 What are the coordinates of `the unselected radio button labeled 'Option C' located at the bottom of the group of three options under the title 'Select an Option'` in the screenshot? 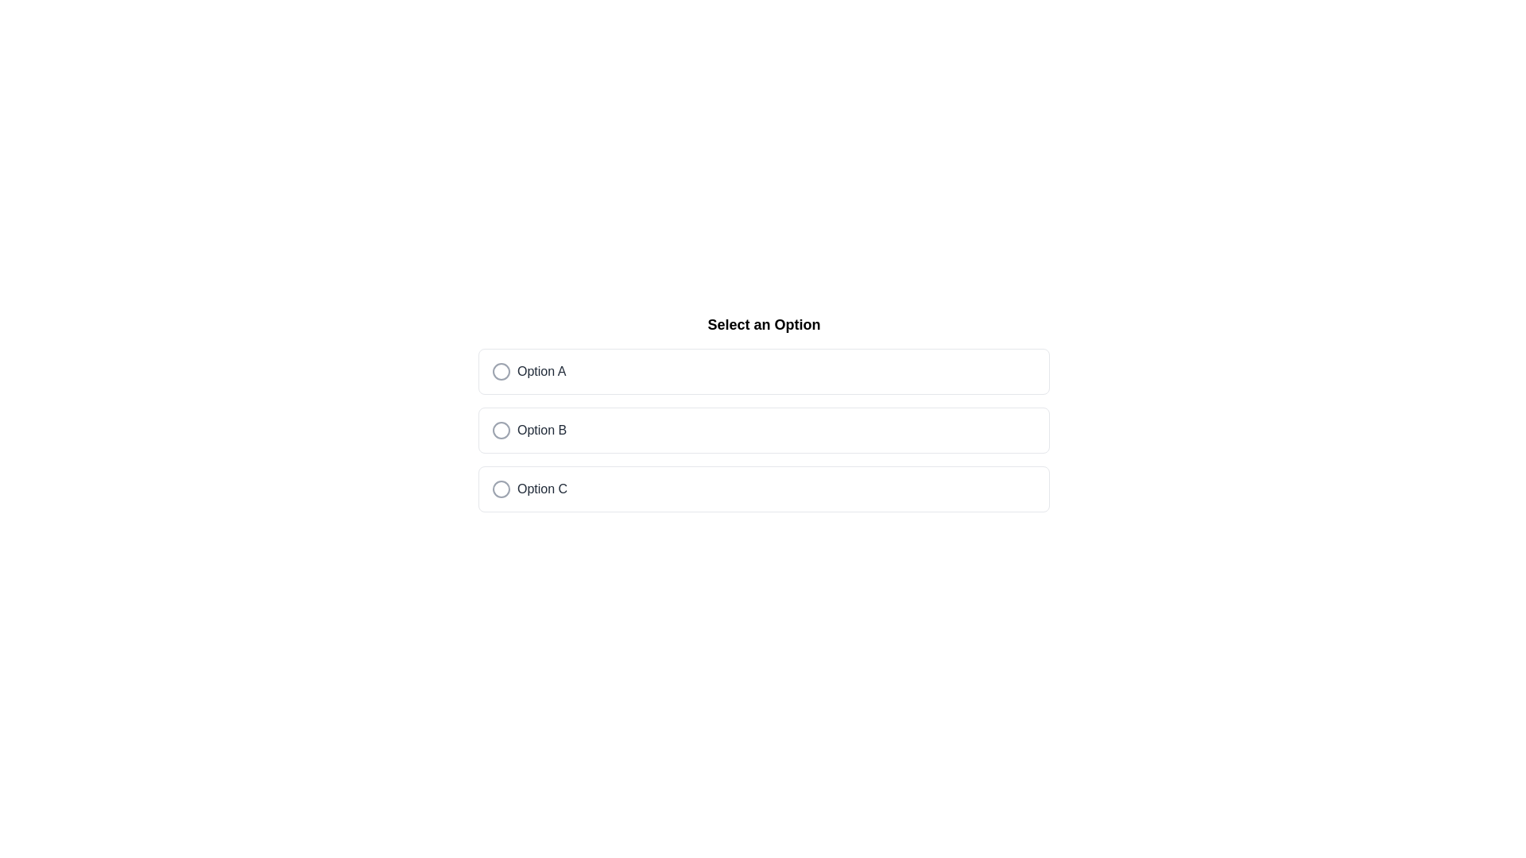 It's located at (764, 489).